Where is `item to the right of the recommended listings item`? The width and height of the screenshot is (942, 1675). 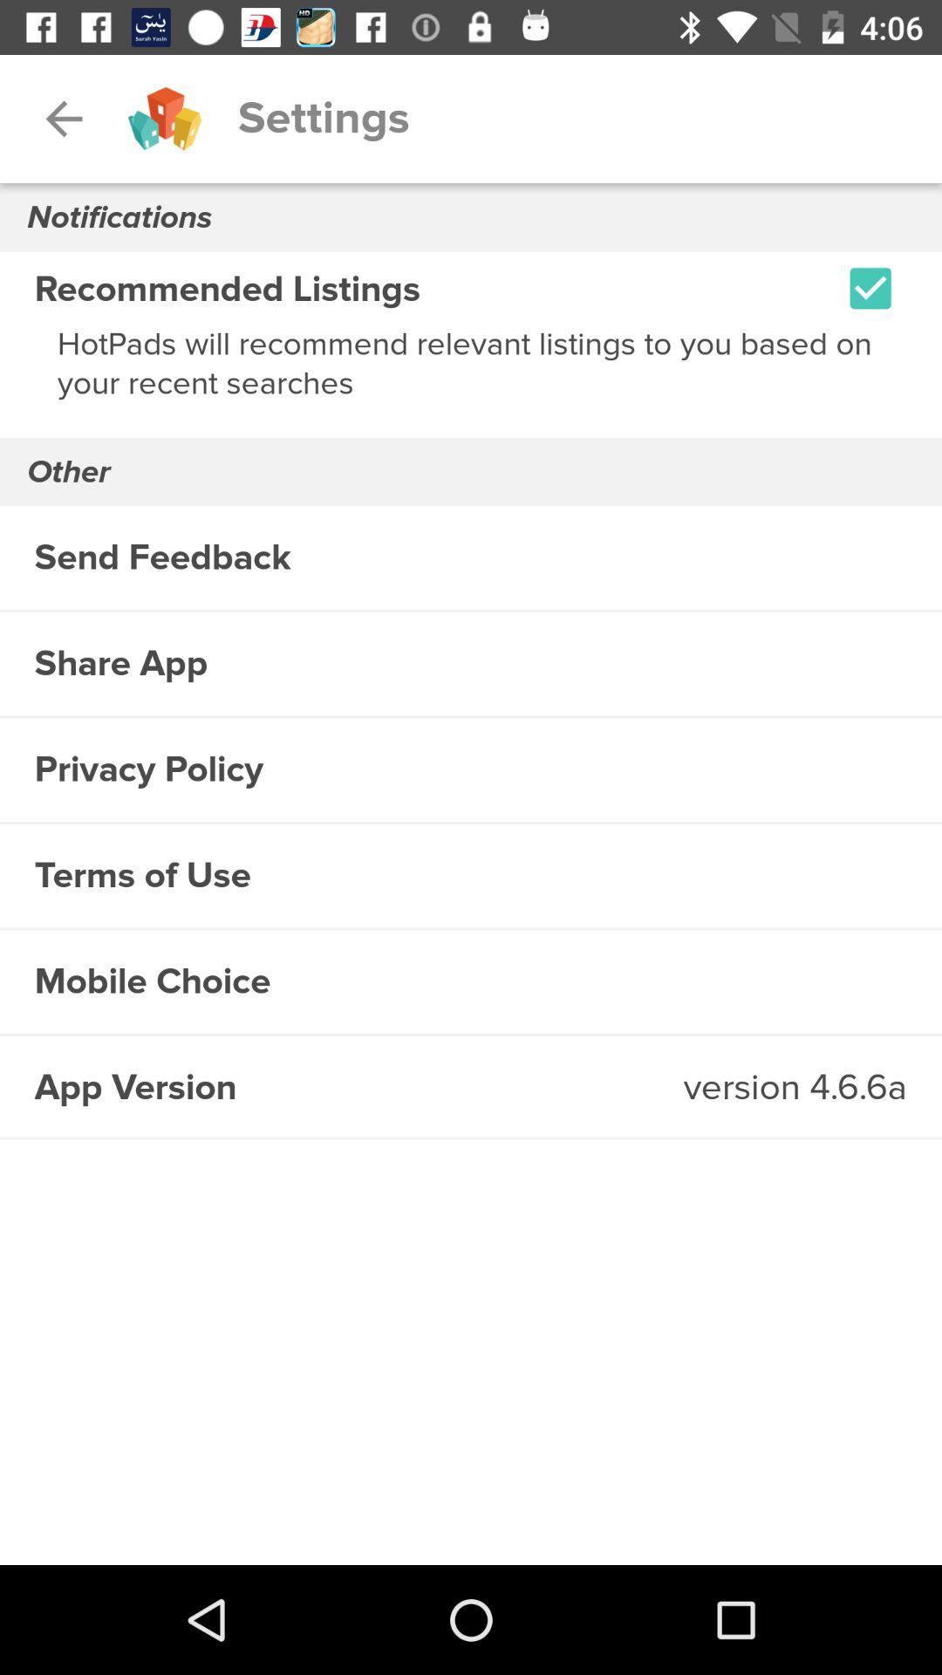 item to the right of the recommended listings item is located at coordinates (870, 288).